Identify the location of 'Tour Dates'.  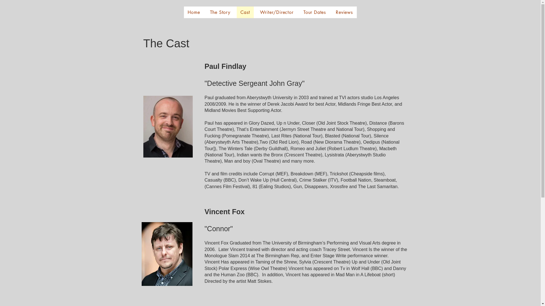
(314, 12).